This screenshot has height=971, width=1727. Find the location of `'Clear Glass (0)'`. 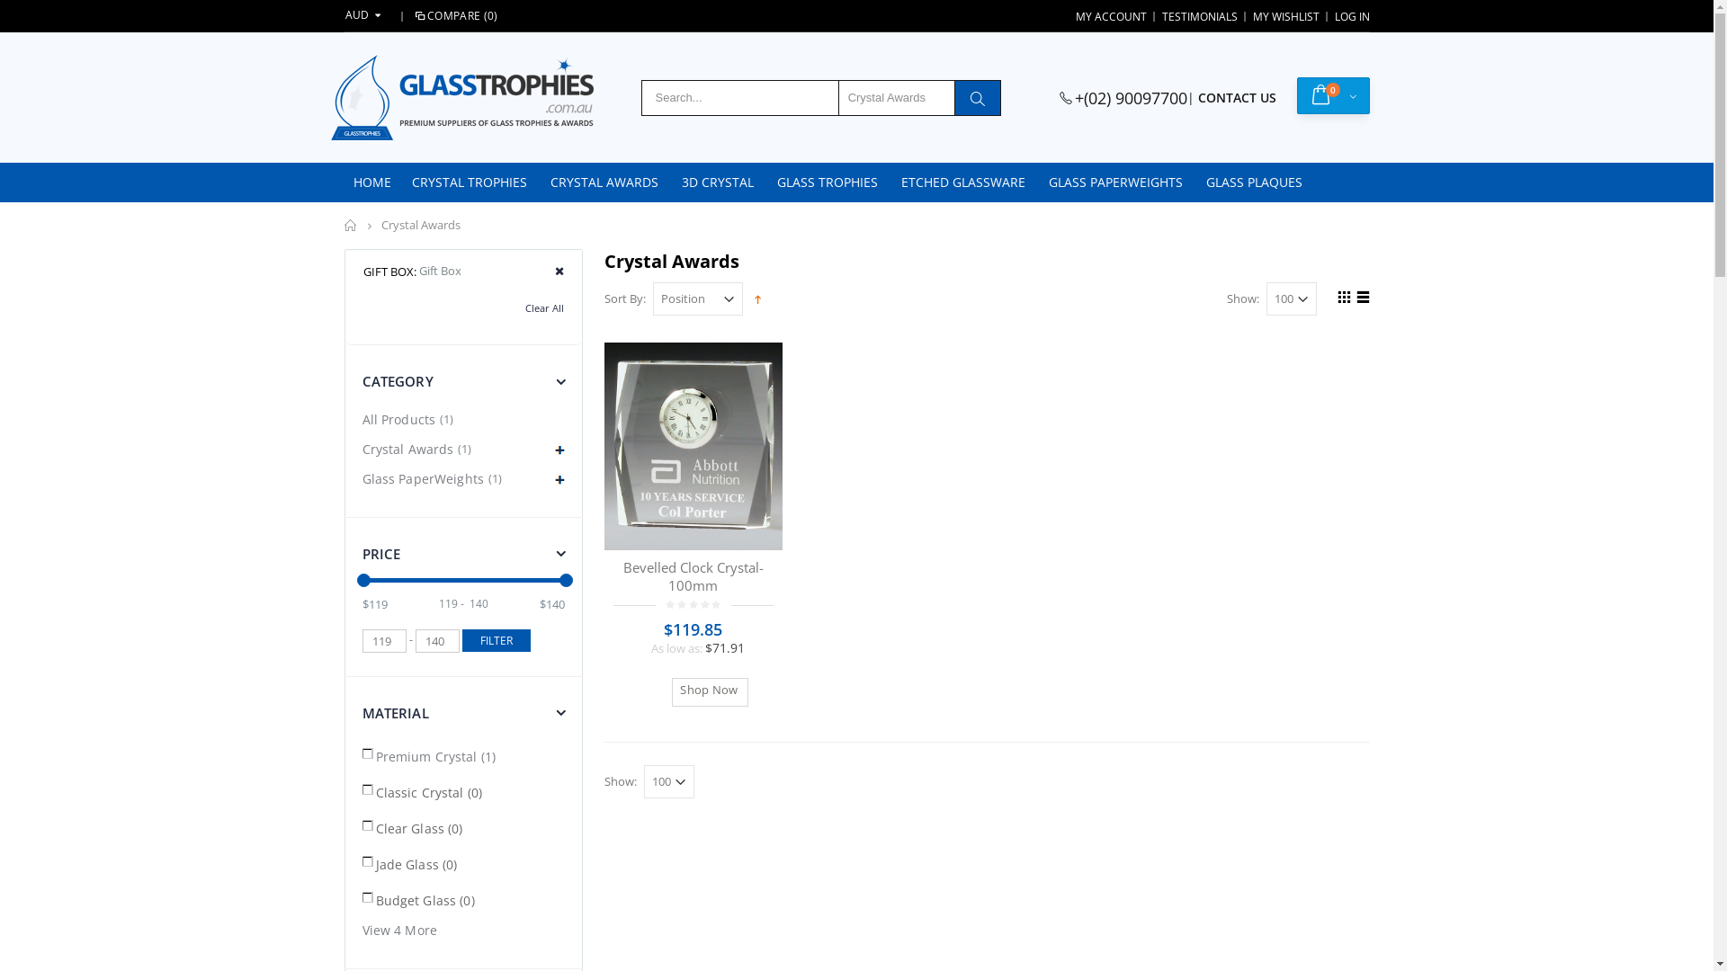

'Clear Glass (0)' is located at coordinates (413, 825).